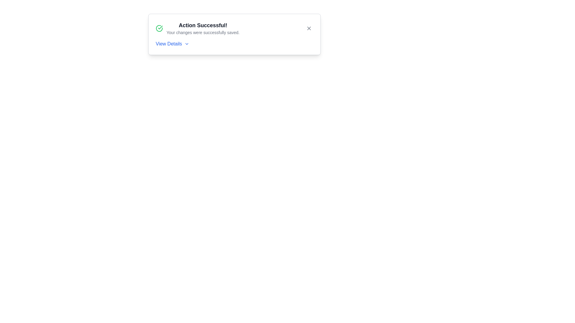  Describe the element at coordinates (172, 43) in the screenshot. I see `the 'View Details' button to expand the details` at that location.